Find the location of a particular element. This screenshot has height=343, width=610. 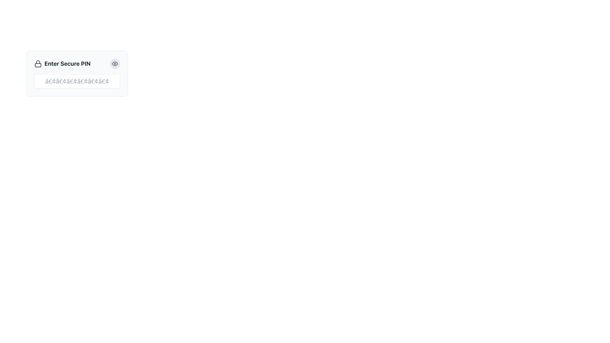

the compact, circular eye icon within the rounded button located to the right of the 'Enter Secure PIN' input field is located at coordinates (115, 64).